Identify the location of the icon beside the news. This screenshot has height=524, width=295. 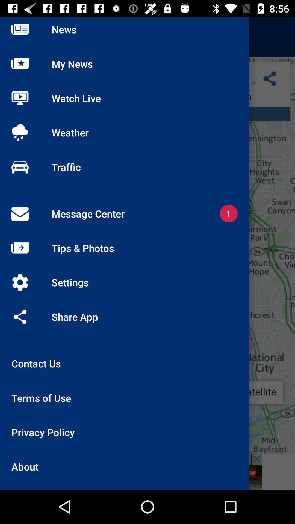
(20, 37).